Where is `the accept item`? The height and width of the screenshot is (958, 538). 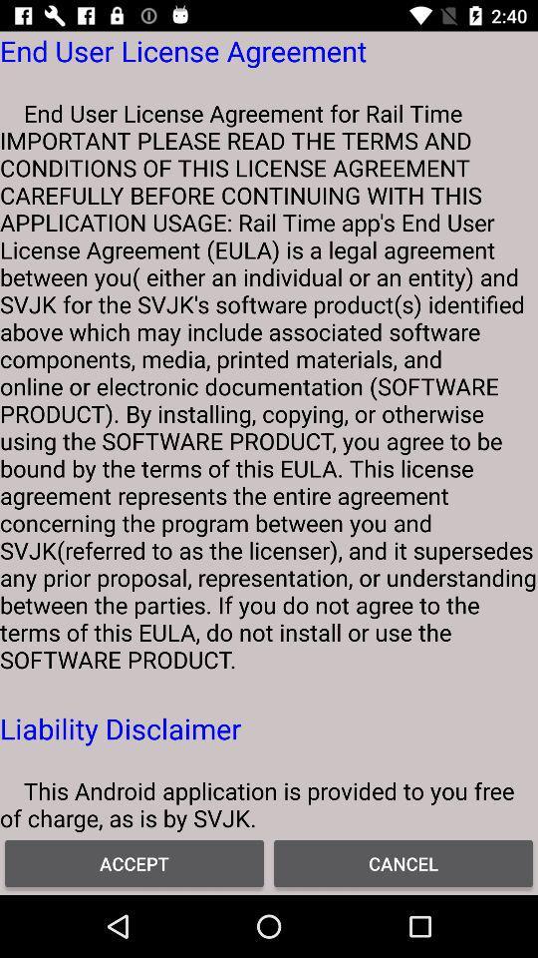
the accept item is located at coordinates (134, 862).